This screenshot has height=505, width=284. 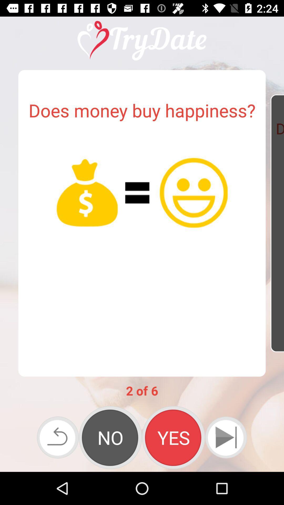 I want to click on answer no, so click(x=110, y=437).